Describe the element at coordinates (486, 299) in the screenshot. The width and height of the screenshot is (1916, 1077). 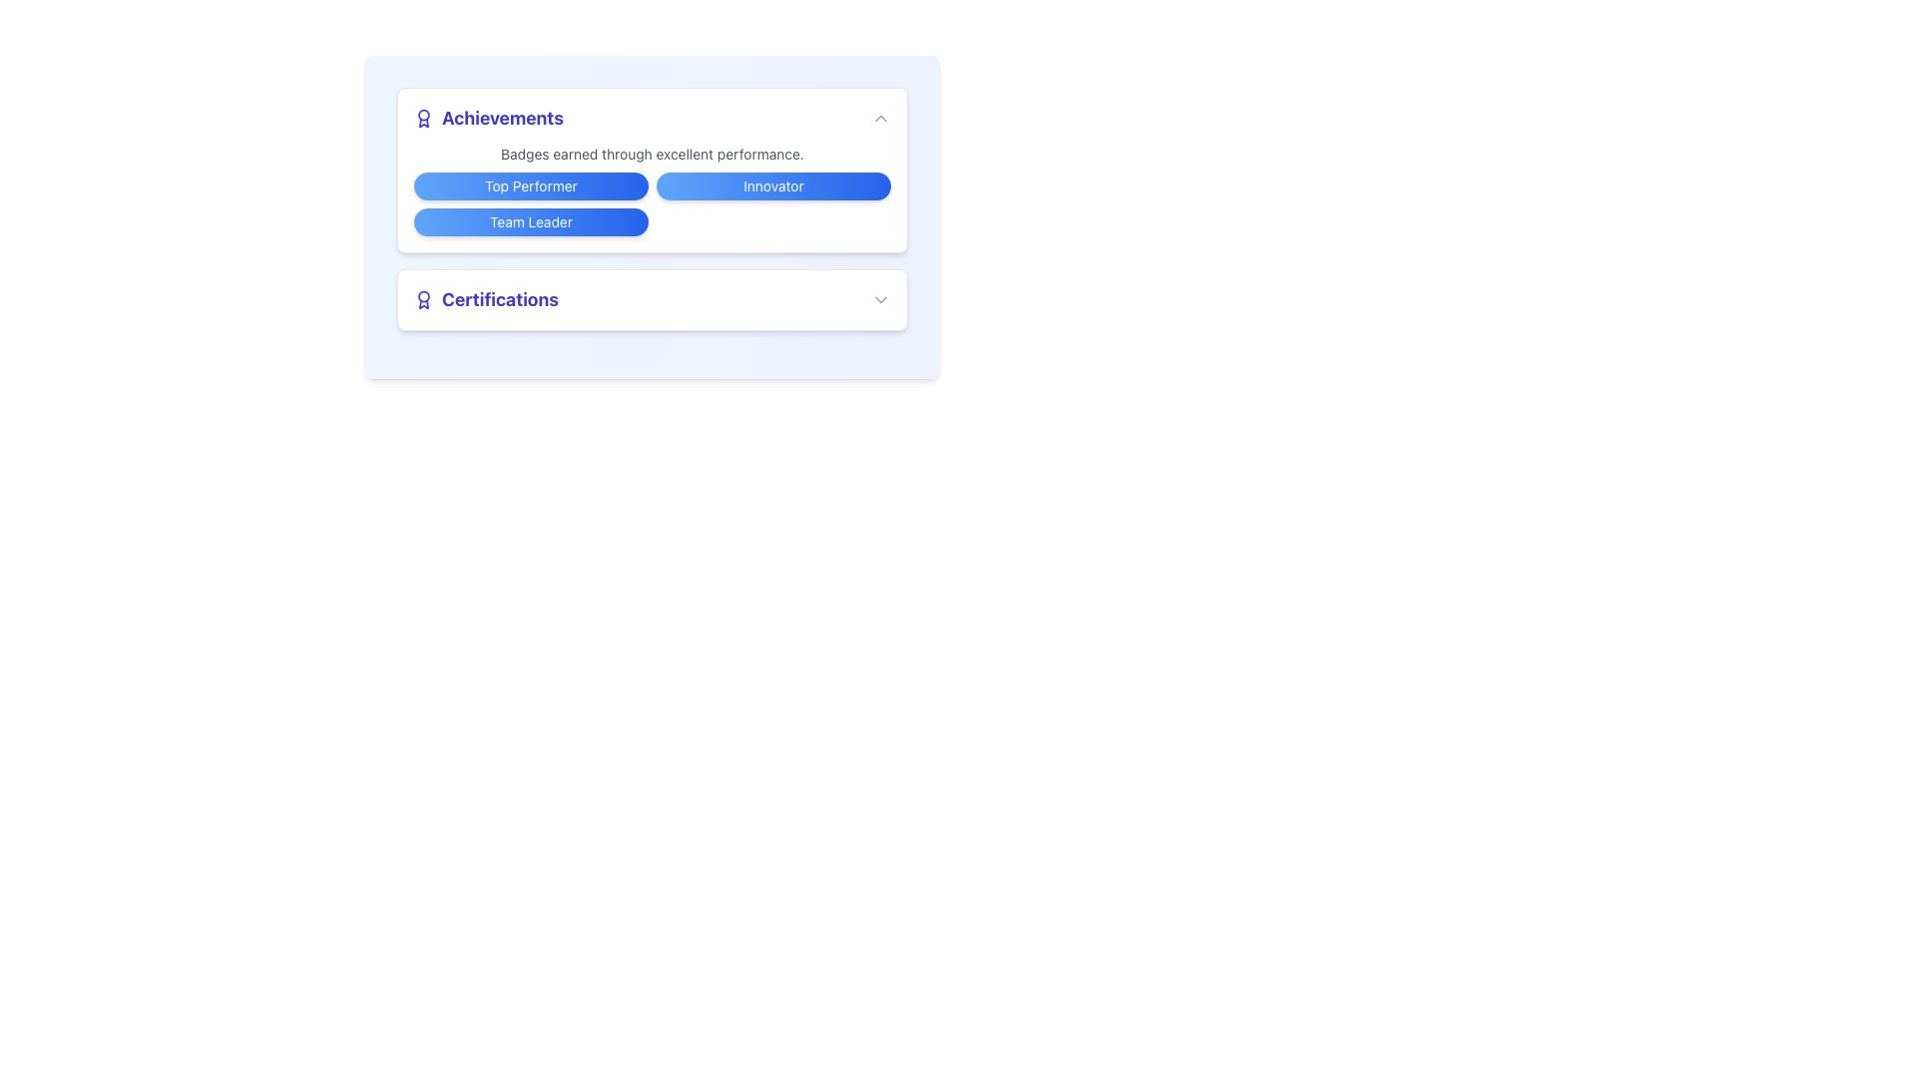
I see `the 'Certifications' header element, which includes the text in bold indigo font and an award icon` at that location.